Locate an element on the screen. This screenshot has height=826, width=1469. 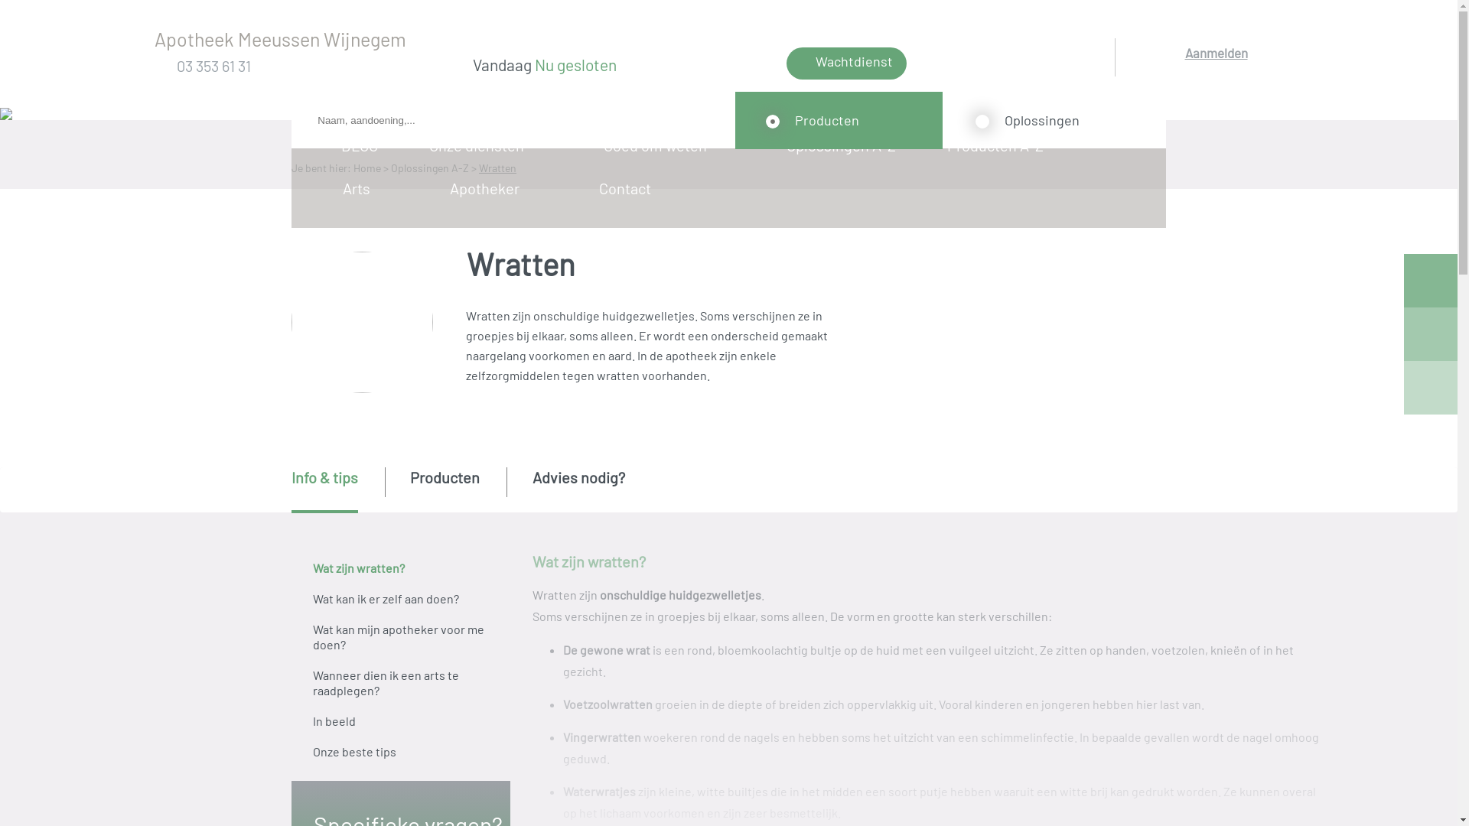
'BLOG' is located at coordinates (364, 145).